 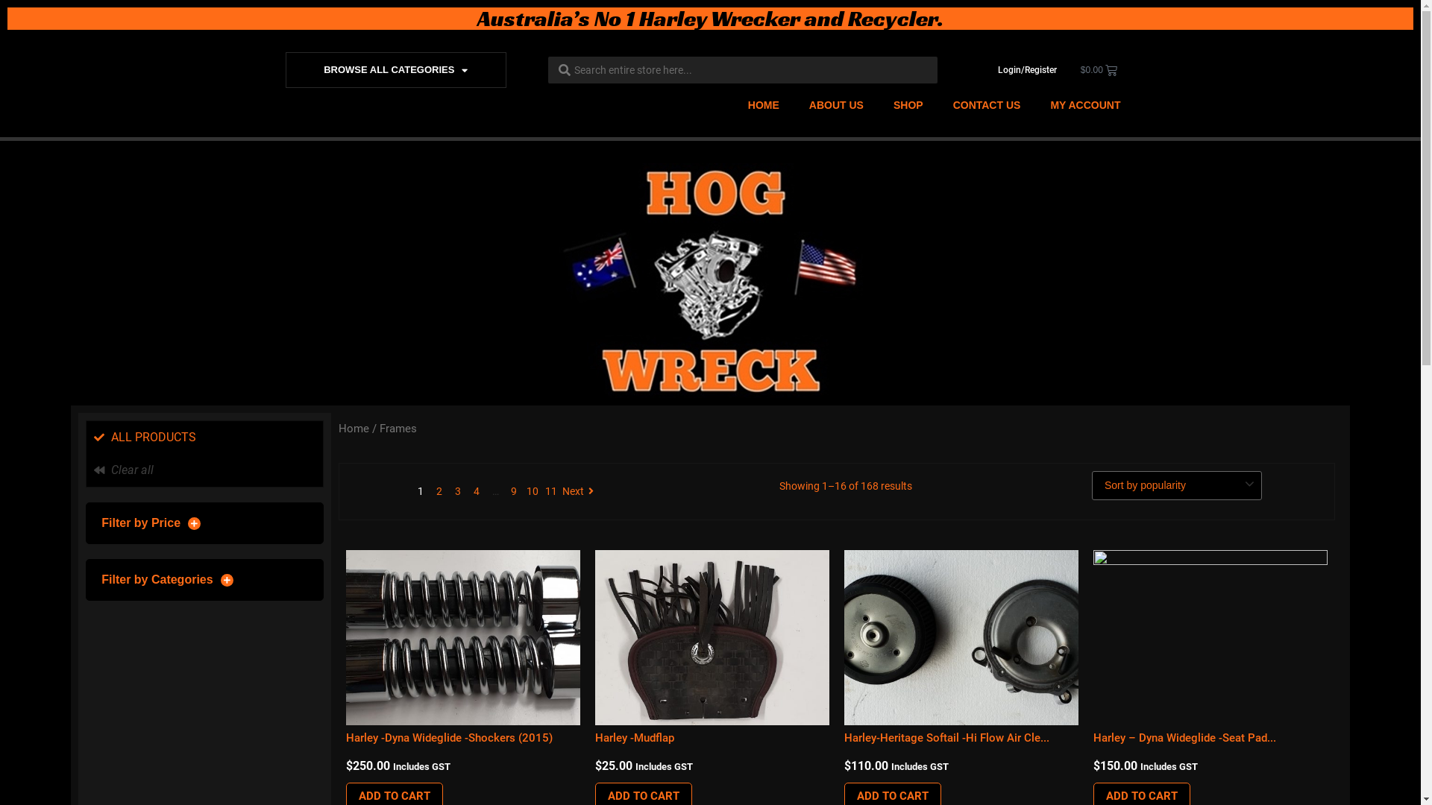 What do you see at coordinates (204, 436) in the screenshot?
I see `'ALL PRODUCTS'` at bounding box center [204, 436].